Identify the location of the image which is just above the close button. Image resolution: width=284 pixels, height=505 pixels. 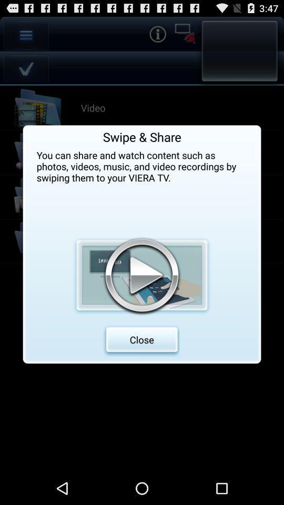
(142, 275).